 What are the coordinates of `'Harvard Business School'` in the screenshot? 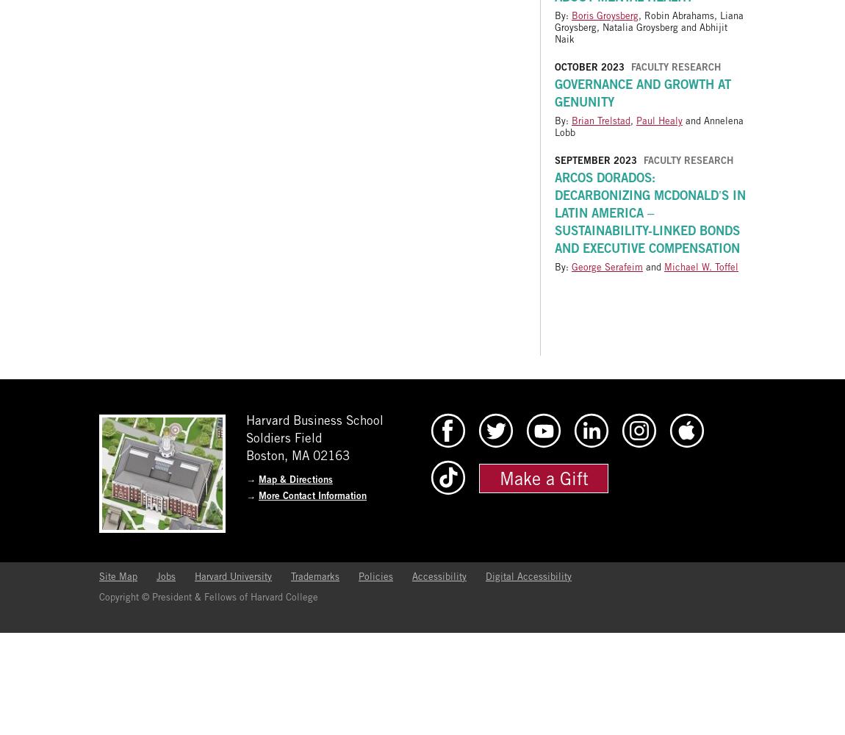 It's located at (314, 420).